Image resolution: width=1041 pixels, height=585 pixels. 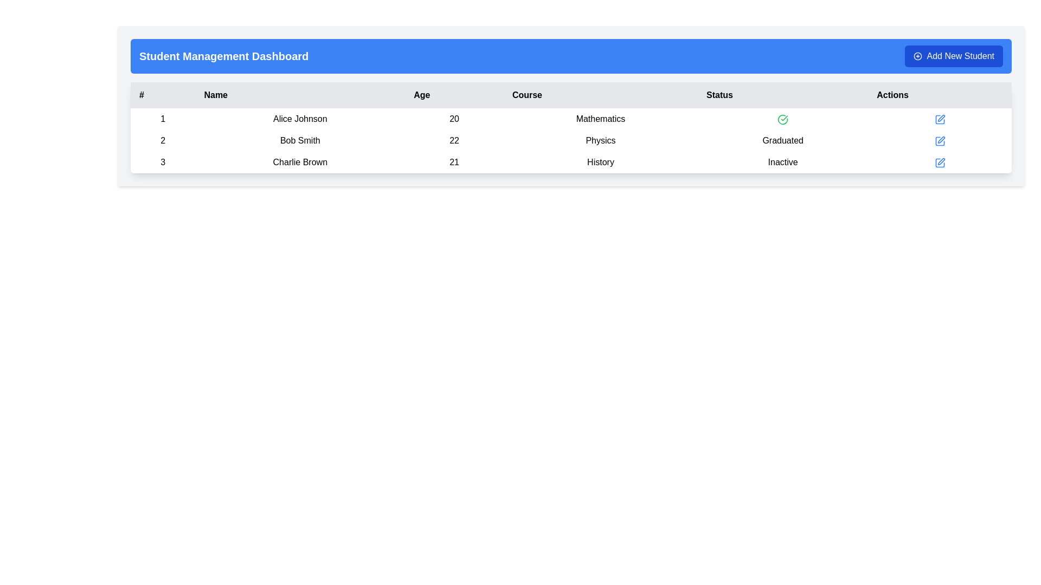 I want to click on the numeric text '21' in the 'Age' column of the table corresponding to 'Charlie Brown', so click(x=454, y=162).